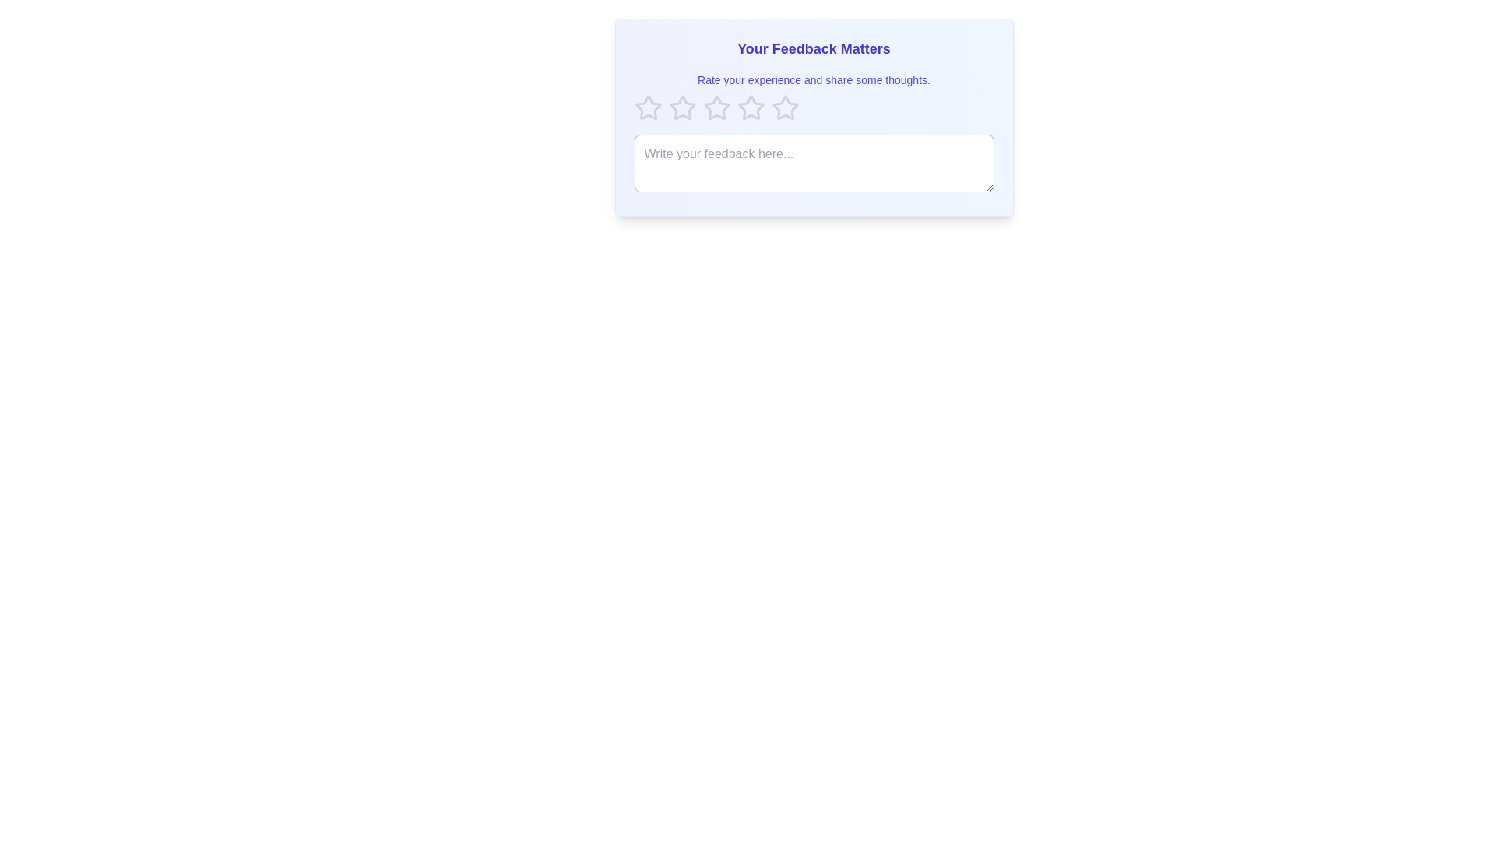 This screenshot has height=841, width=1495. Describe the element at coordinates (682, 107) in the screenshot. I see `the star corresponding to the desired rating 2` at that location.